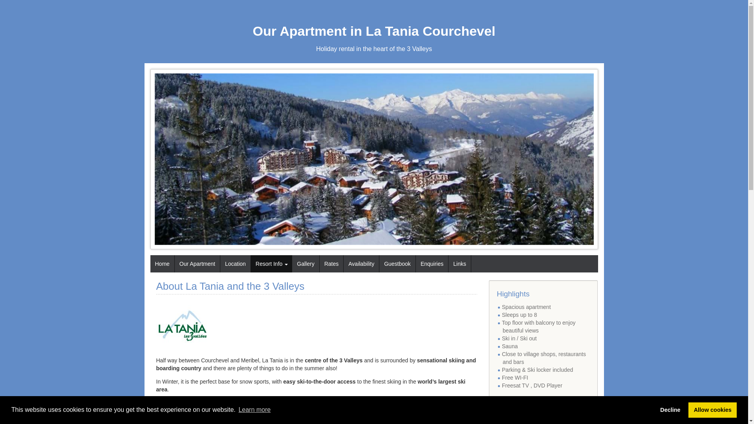  Describe the element at coordinates (292, 263) in the screenshot. I see `'Gallery'` at that location.